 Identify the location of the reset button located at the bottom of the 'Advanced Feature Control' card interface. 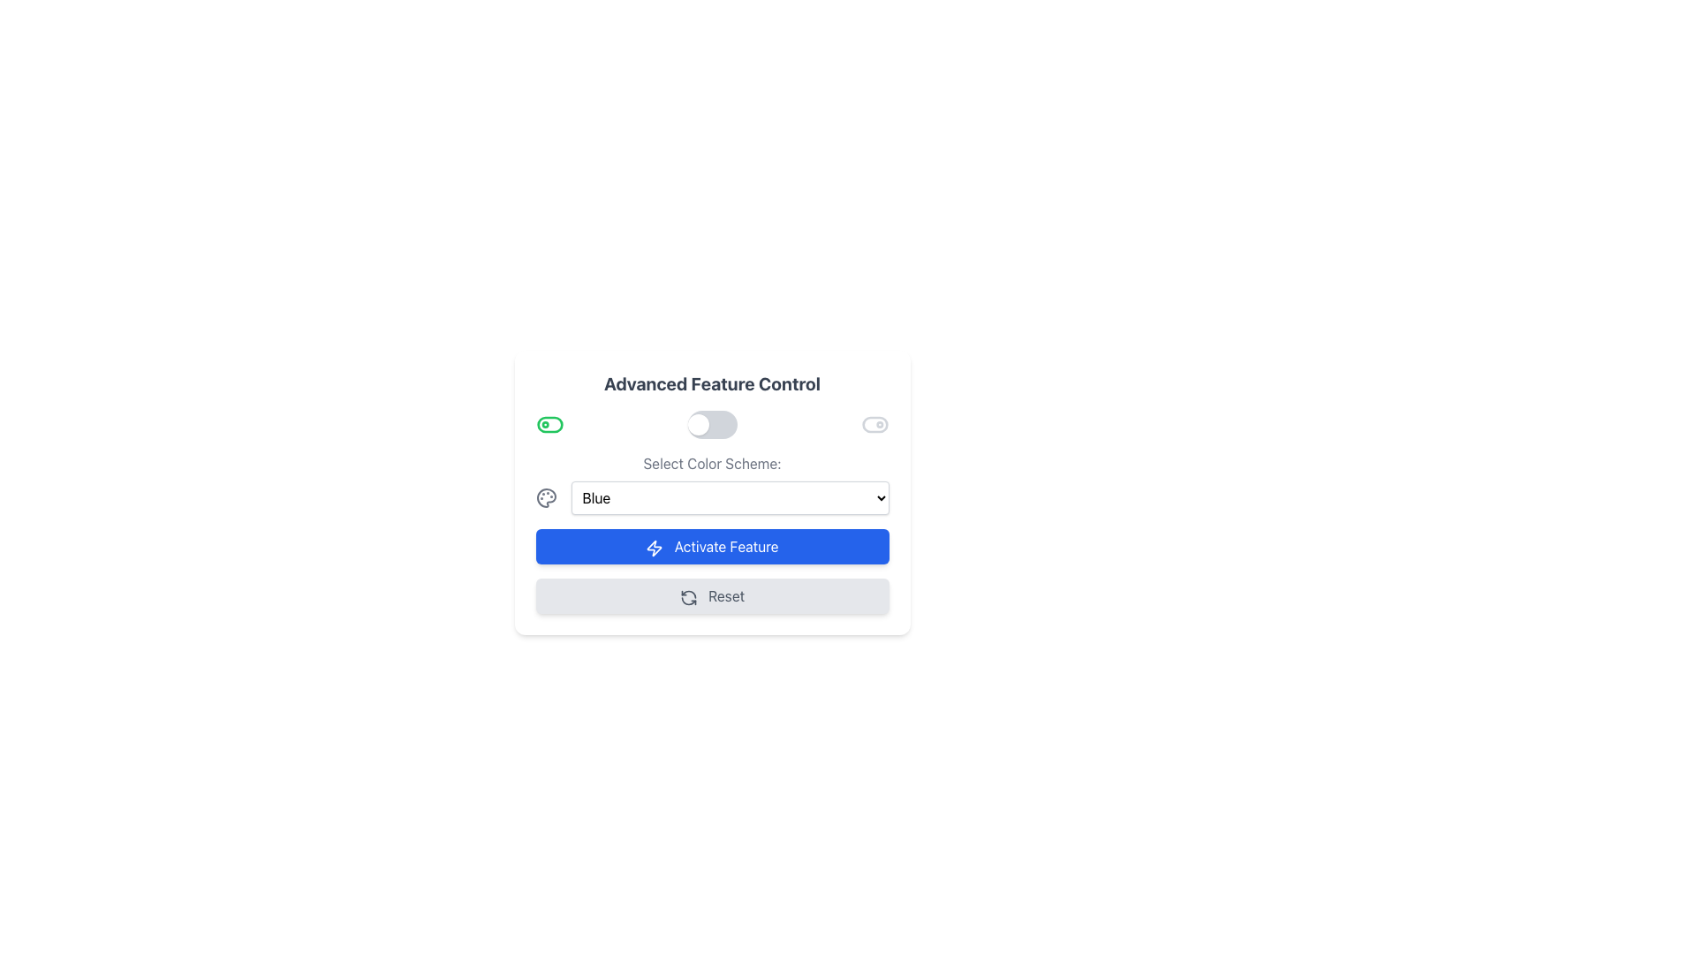
(712, 596).